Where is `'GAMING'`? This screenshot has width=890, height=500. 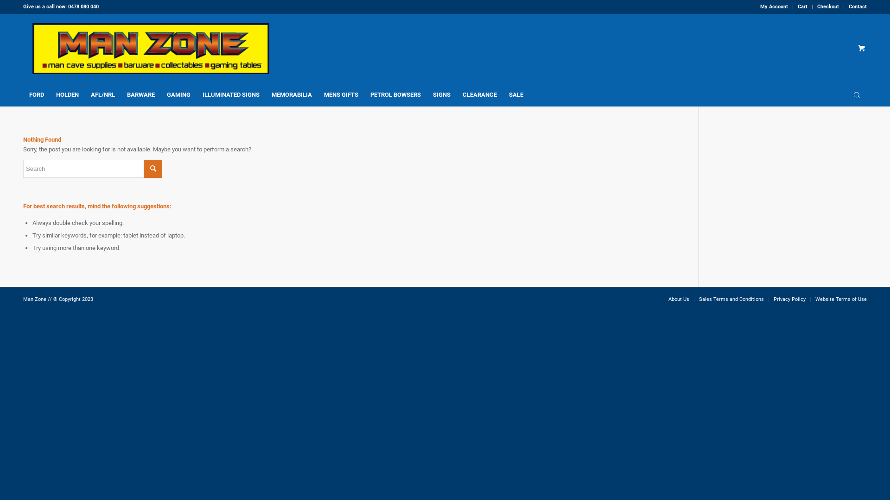
'GAMING' is located at coordinates (178, 94).